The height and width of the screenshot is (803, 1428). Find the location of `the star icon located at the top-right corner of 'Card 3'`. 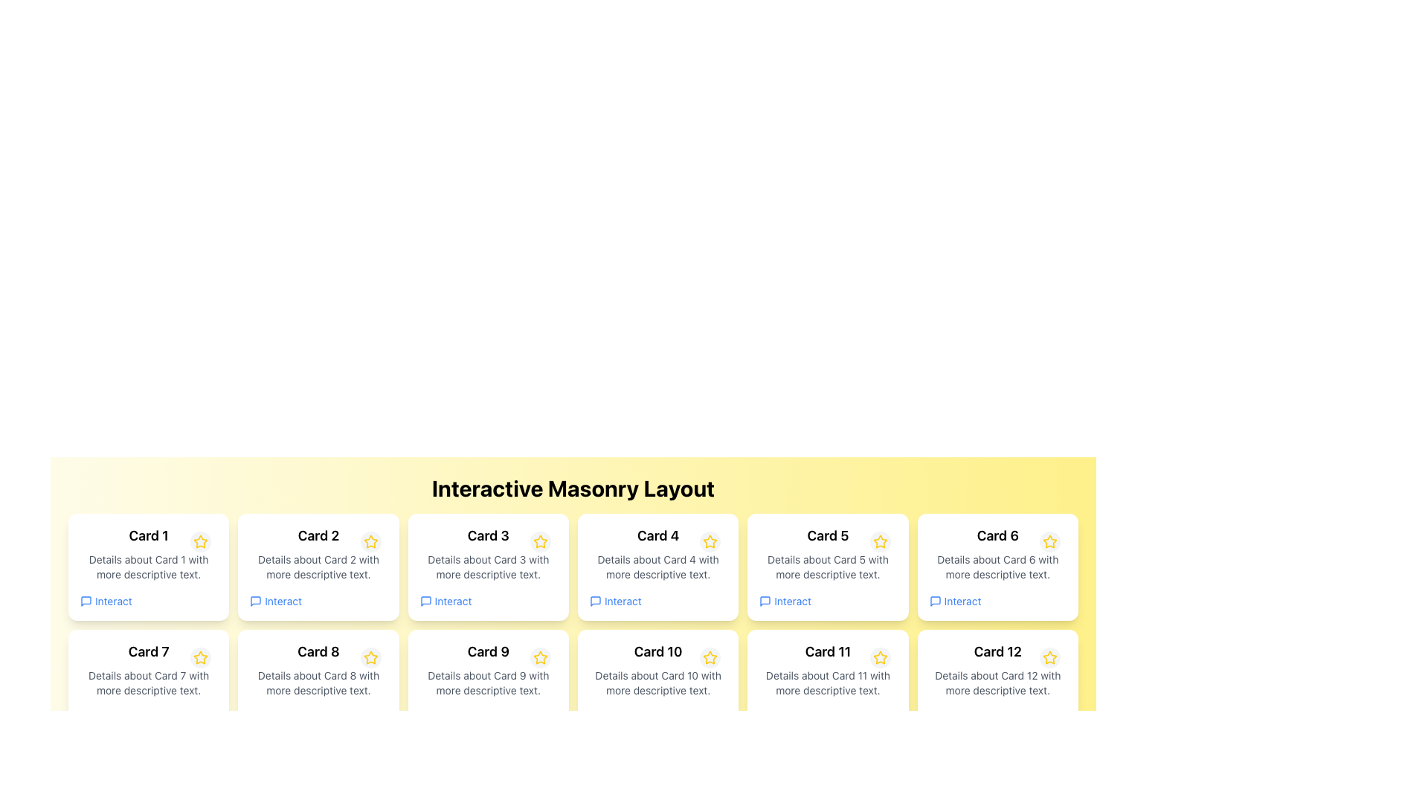

the star icon located at the top-right corner of 'Card 3' is located at coordinates (539, 542).